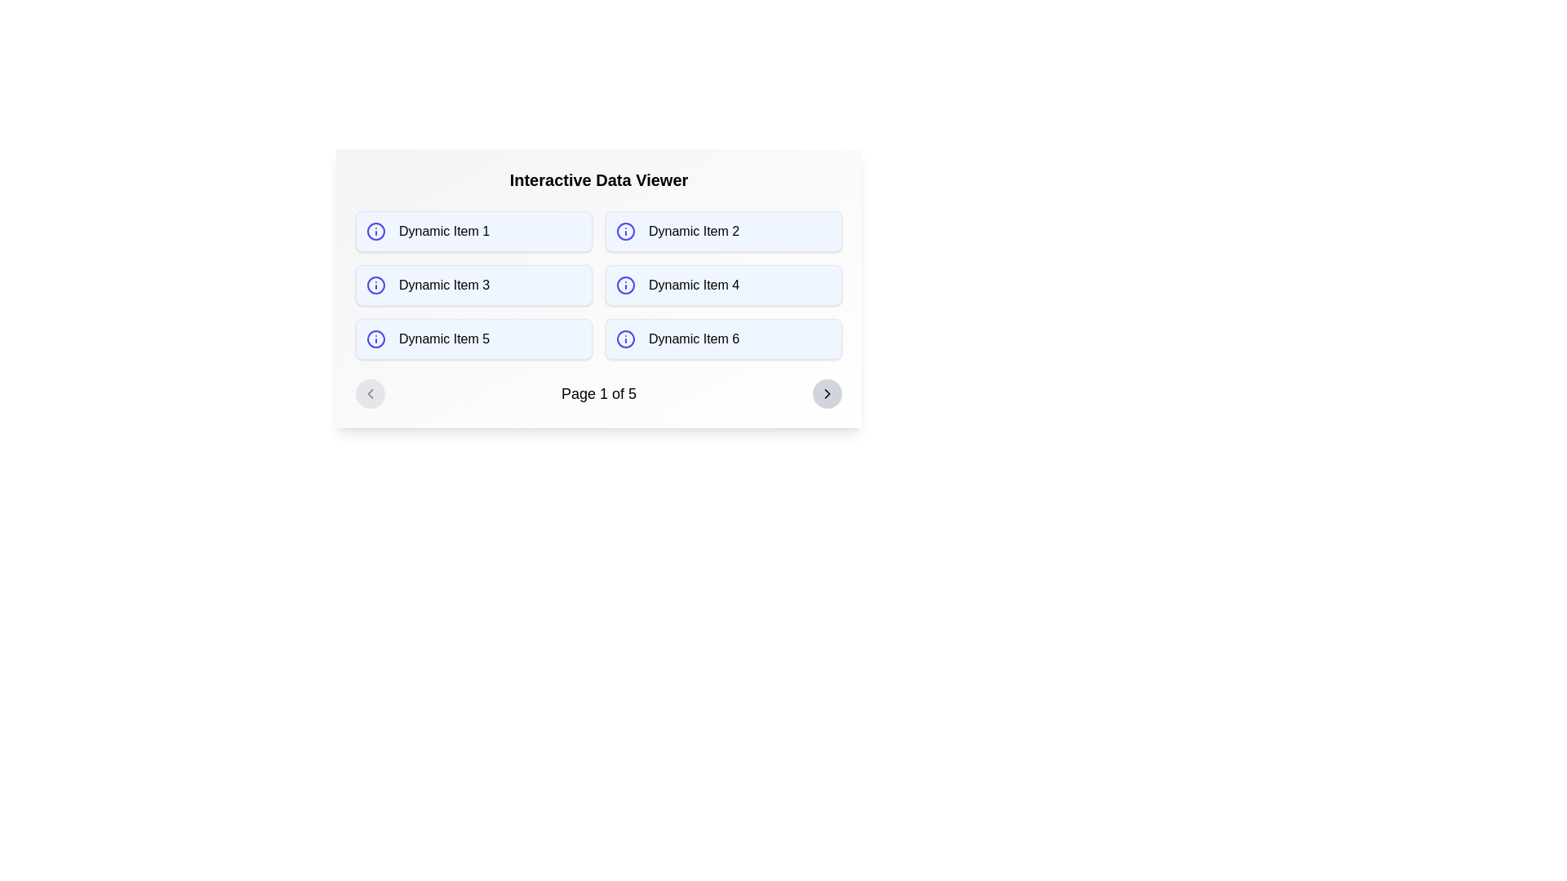 Image resolution: width=1567 pixels, height=881 pixels. What do you see at coordinates (473, 339) in the screenshot?
I see `the static display card labeled 'Dynamic Item 5' which features a blue circular information icon and is located in the left column of the third row in a grid of six elements` at bounding box center [473, 339].